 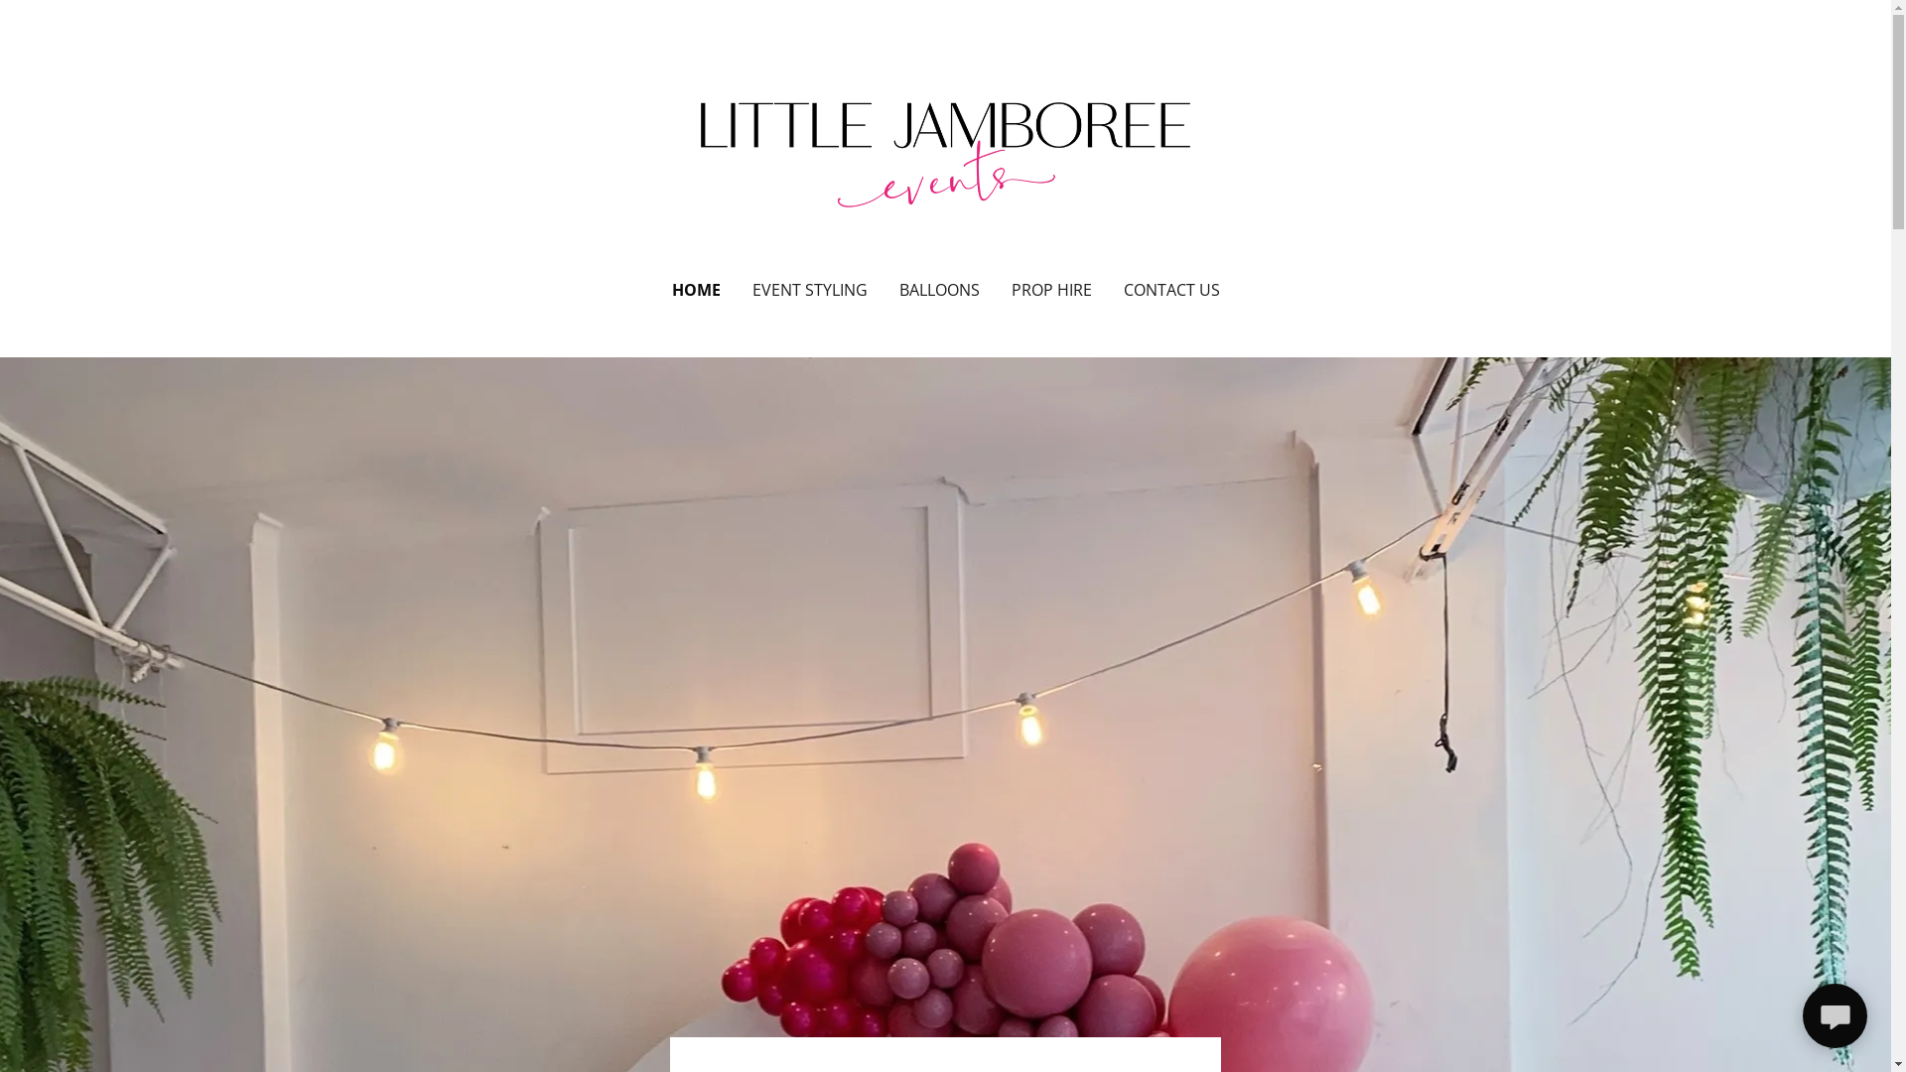 What do you see at coordinates (671, 290) in the screenshot?
I see `'HOME'` at bounding box center [671, 290].